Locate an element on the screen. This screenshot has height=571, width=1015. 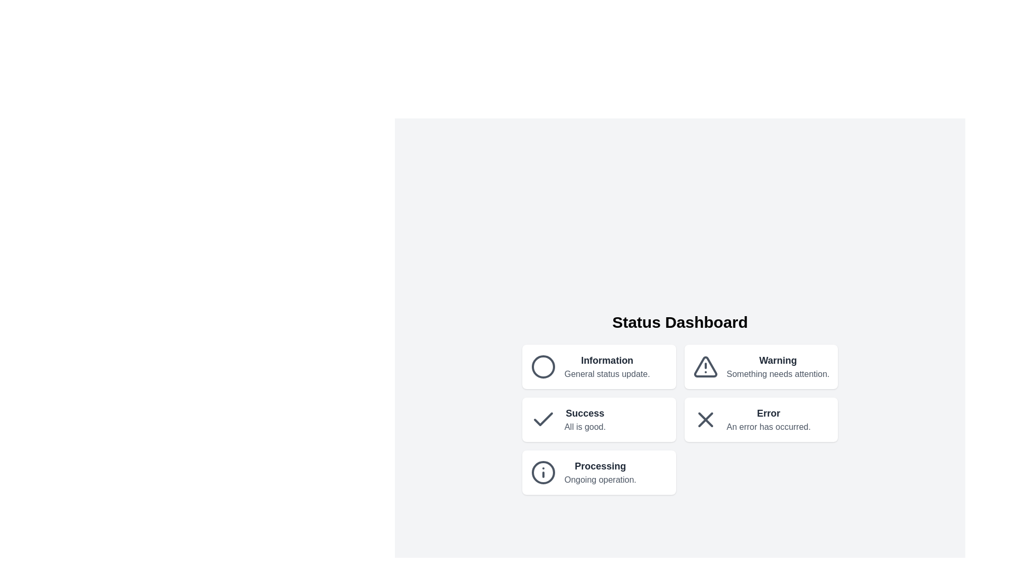
the information icon represented as a circular shape within the 'Processing' category in the bottom-left section of the dashboard is located at coordinates (543, 472).